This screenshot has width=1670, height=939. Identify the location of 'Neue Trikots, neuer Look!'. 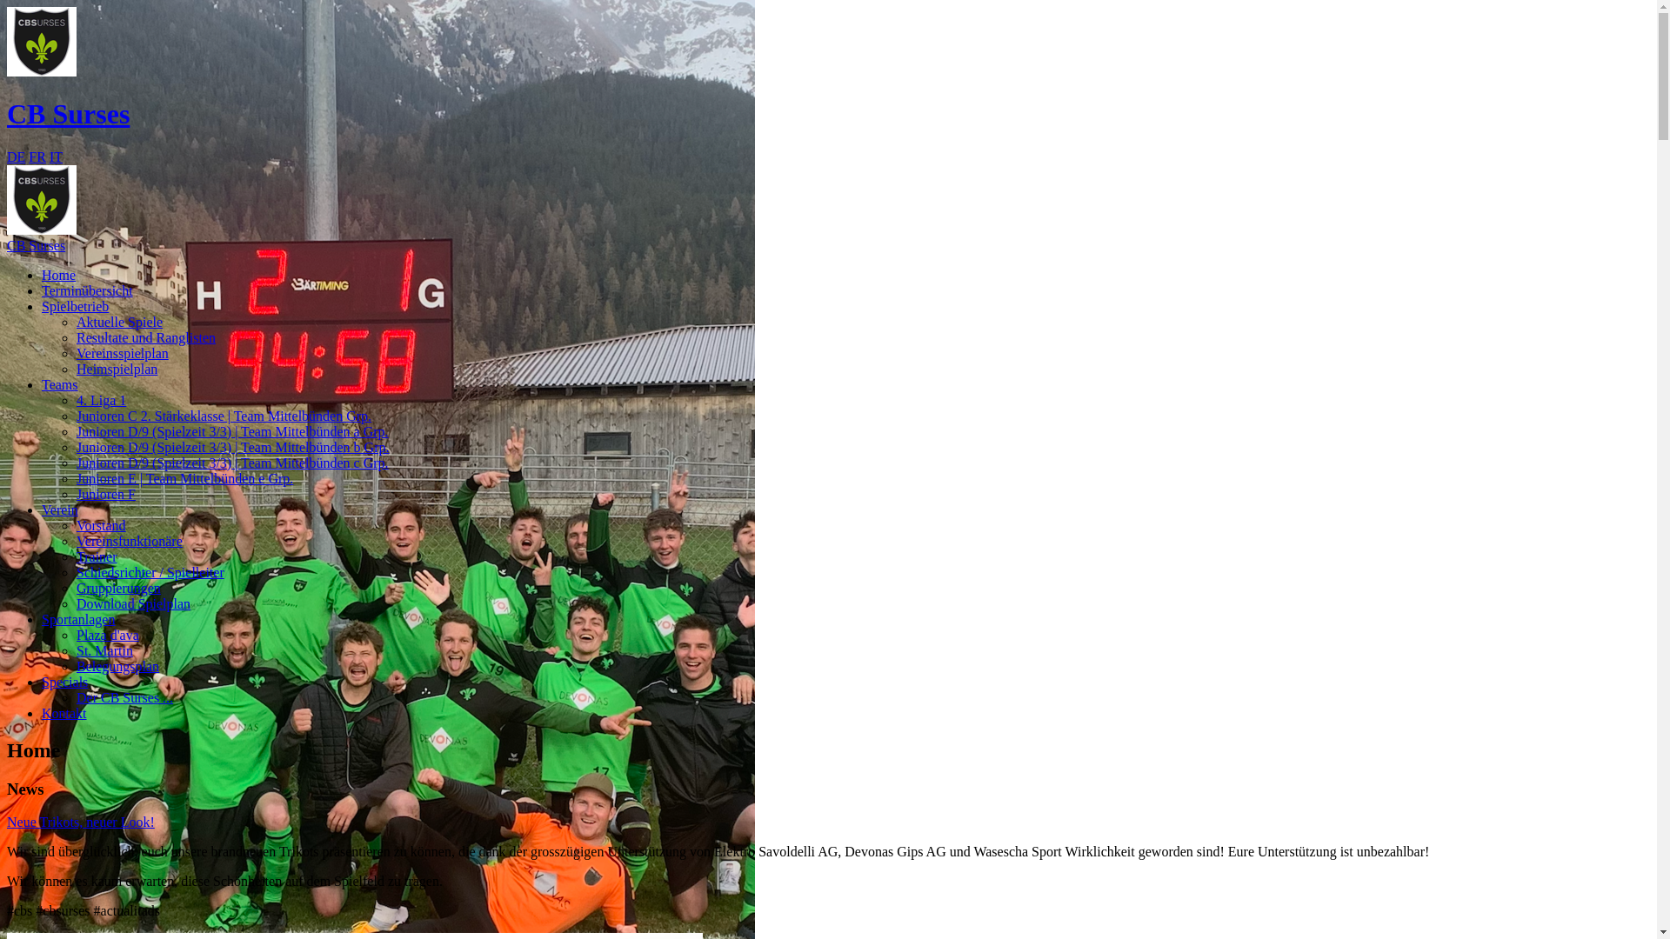
(79, 822).